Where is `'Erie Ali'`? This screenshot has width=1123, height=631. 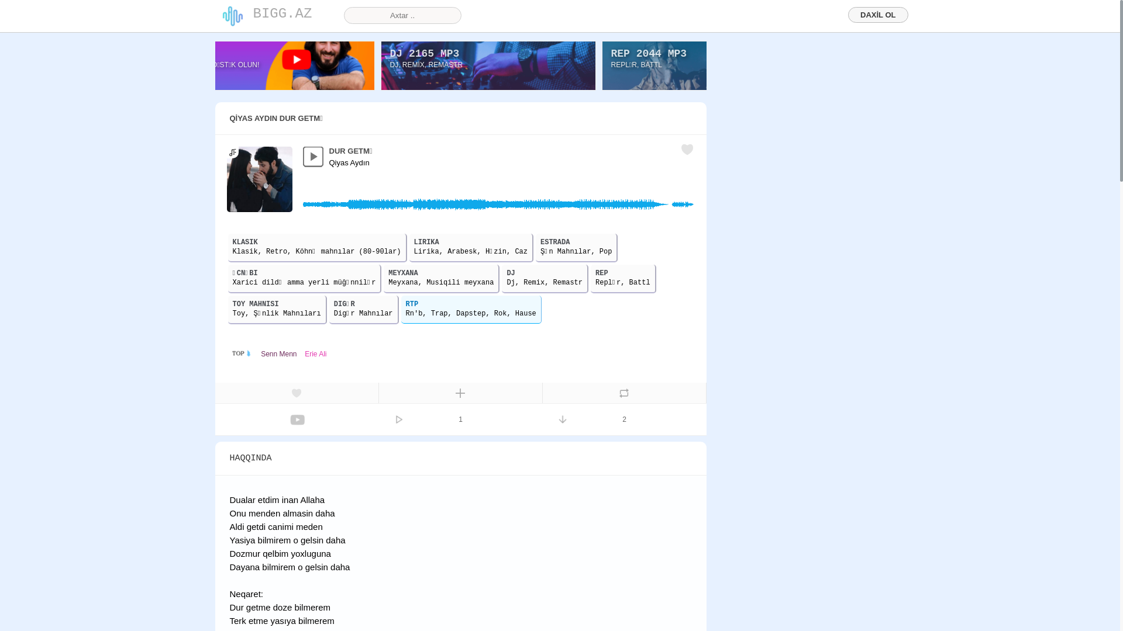 'Erie Ali' is located at coordinates (315, 353).